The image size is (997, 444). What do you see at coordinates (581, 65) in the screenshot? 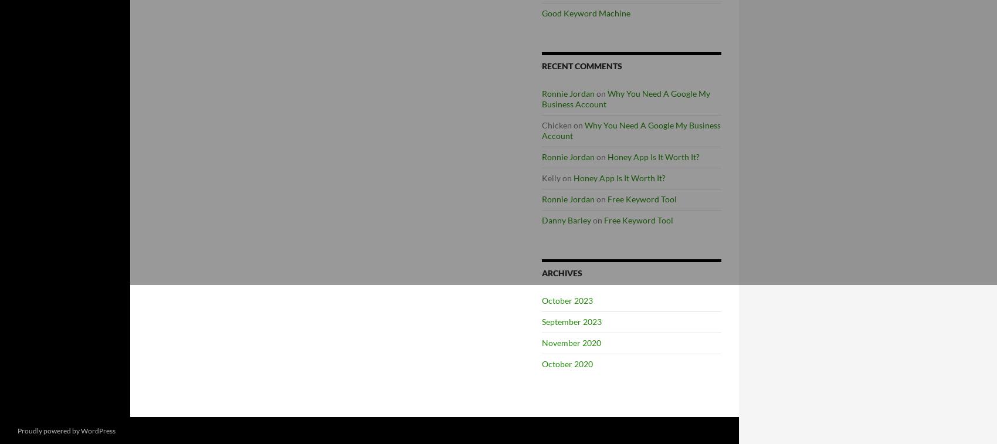
I see `'Recent Comments'` at bounding box center [581, 65].